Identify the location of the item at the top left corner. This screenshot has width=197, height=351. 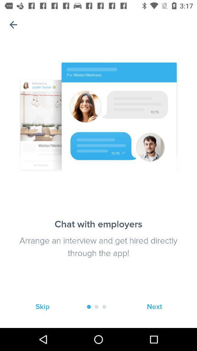
(13, 25).